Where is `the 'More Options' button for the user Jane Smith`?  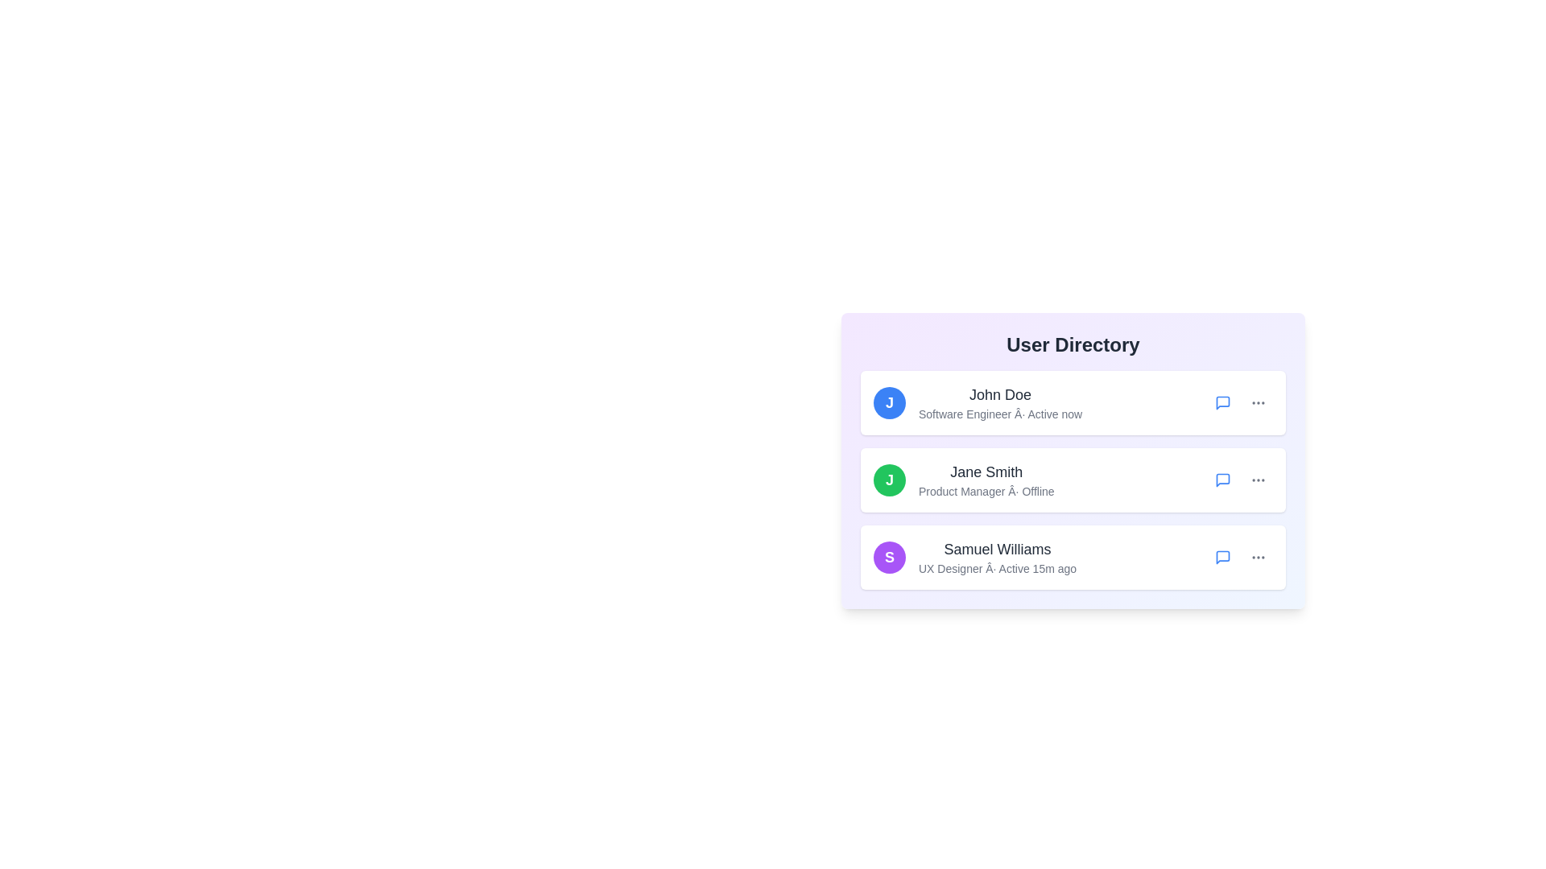
the 'More Options' button for the user Jane Smith is located at coordinates (1258, 480).